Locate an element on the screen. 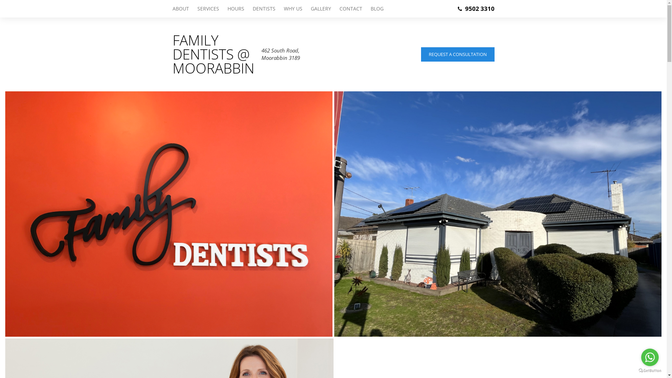 The height and width of the screenshot is (378, 672). 'HOURS' is located at coordinates (236, 8).